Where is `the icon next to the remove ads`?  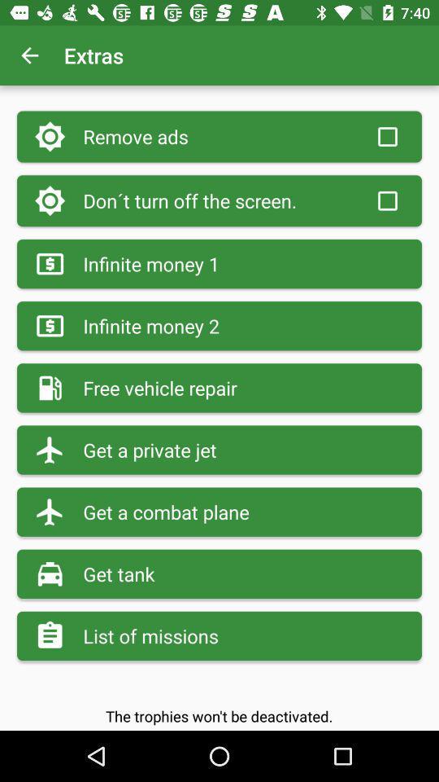
the icon next to the remove ads is located at coordinates (386, 136).